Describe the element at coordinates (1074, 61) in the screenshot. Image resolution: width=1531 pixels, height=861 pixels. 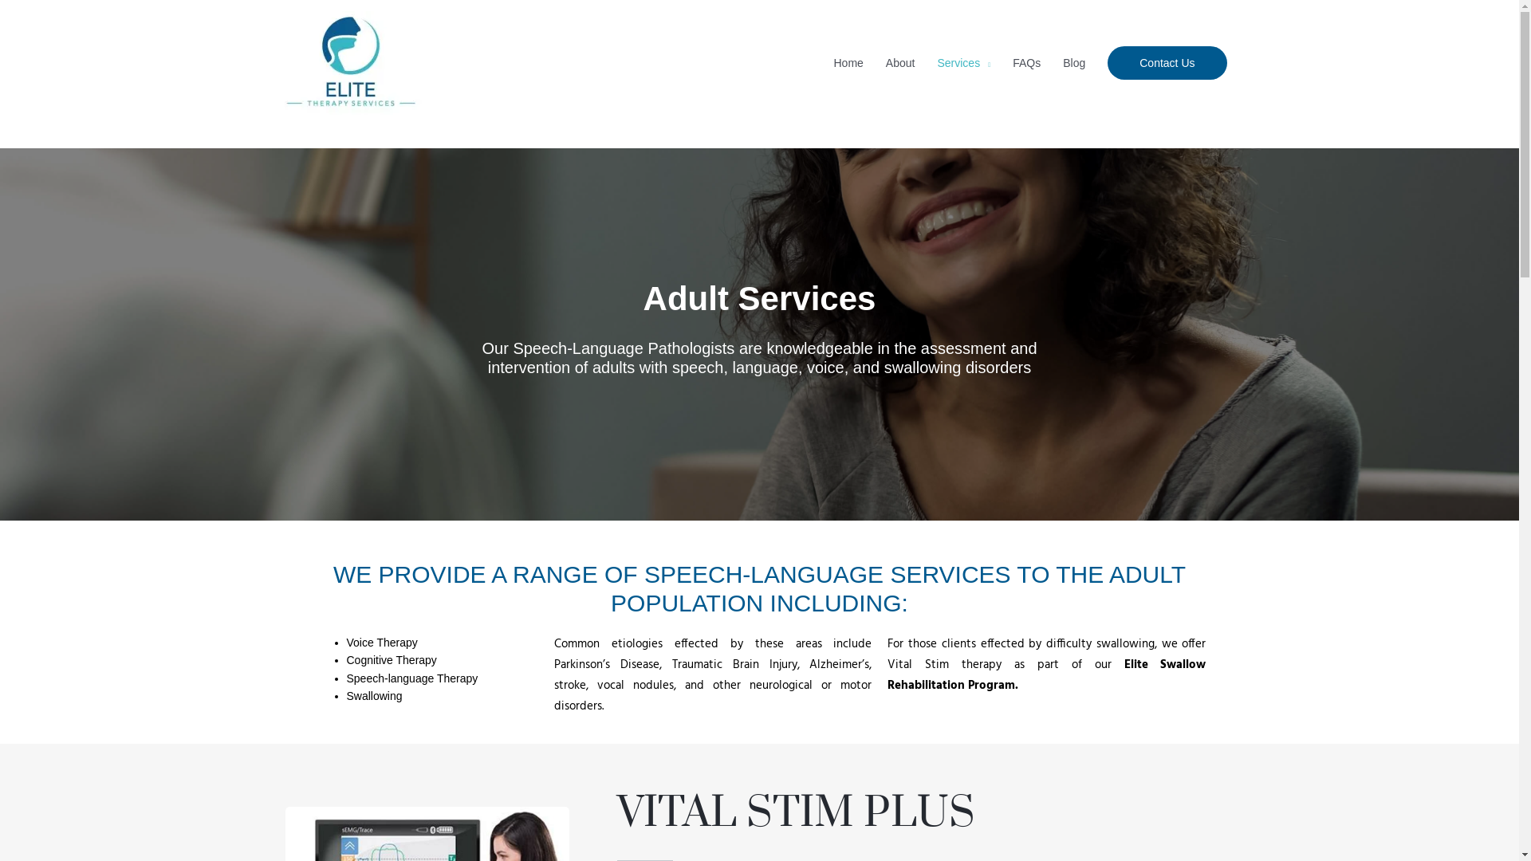
I see `'Blog'` at that location.